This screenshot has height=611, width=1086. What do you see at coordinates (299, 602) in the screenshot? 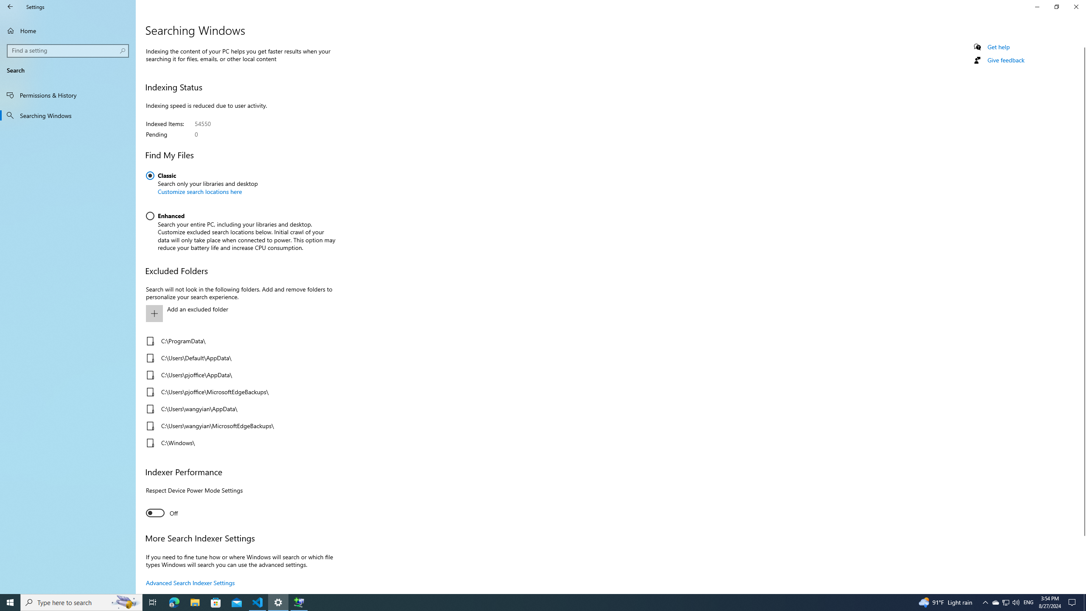
I see `'Extensible Wizards Host Process - 1 running window'` at bounding box center [299, 602].